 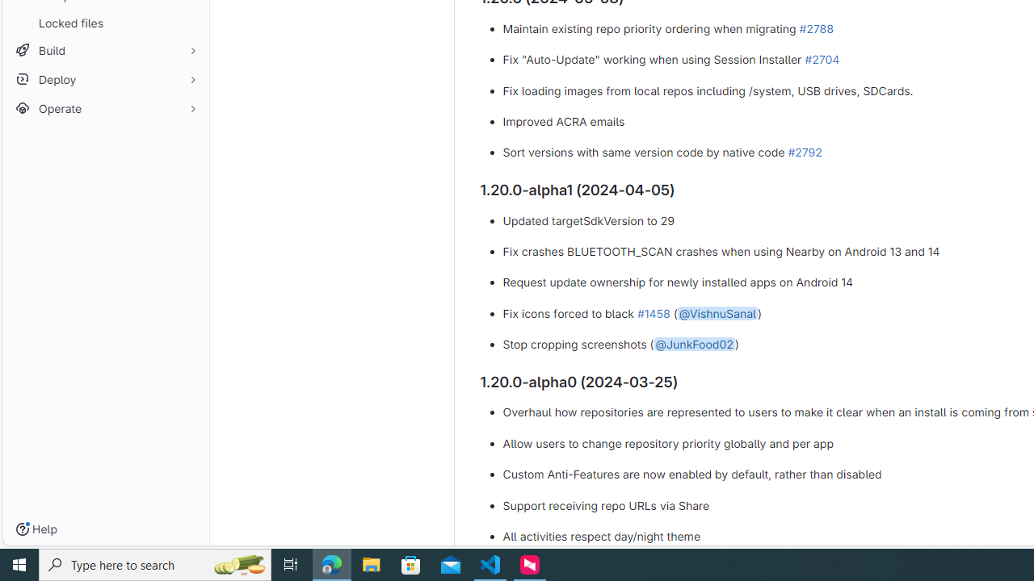 I want to click on 'Deploy', so click(x=105, y=79).